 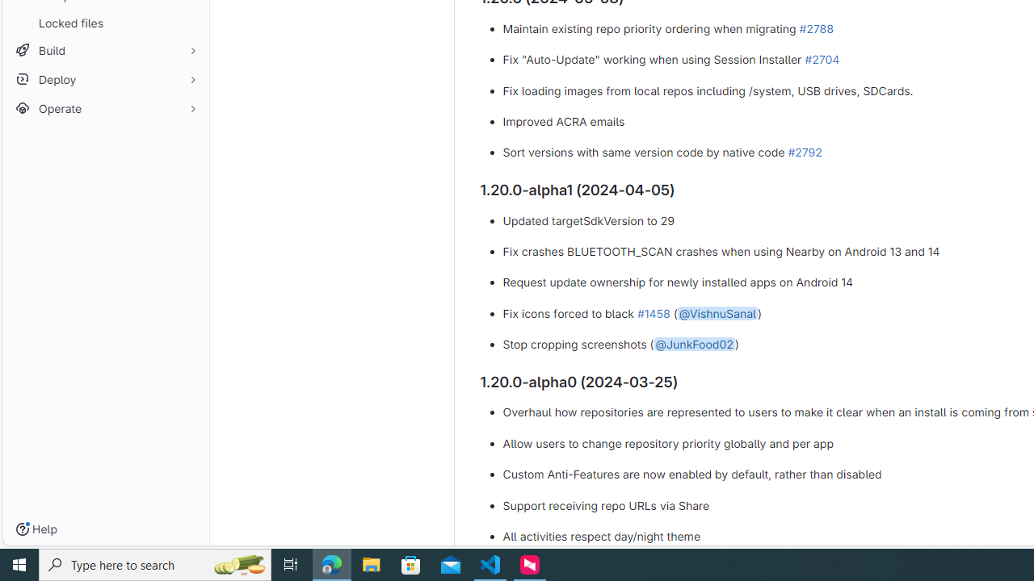 I want to click on 'Deploy', so click(x=105, y=79).